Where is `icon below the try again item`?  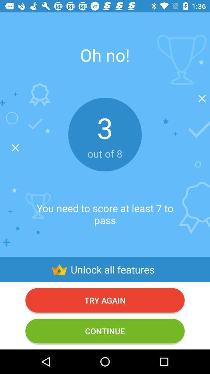 icon below the try again item is located at coordinates (105, 330).